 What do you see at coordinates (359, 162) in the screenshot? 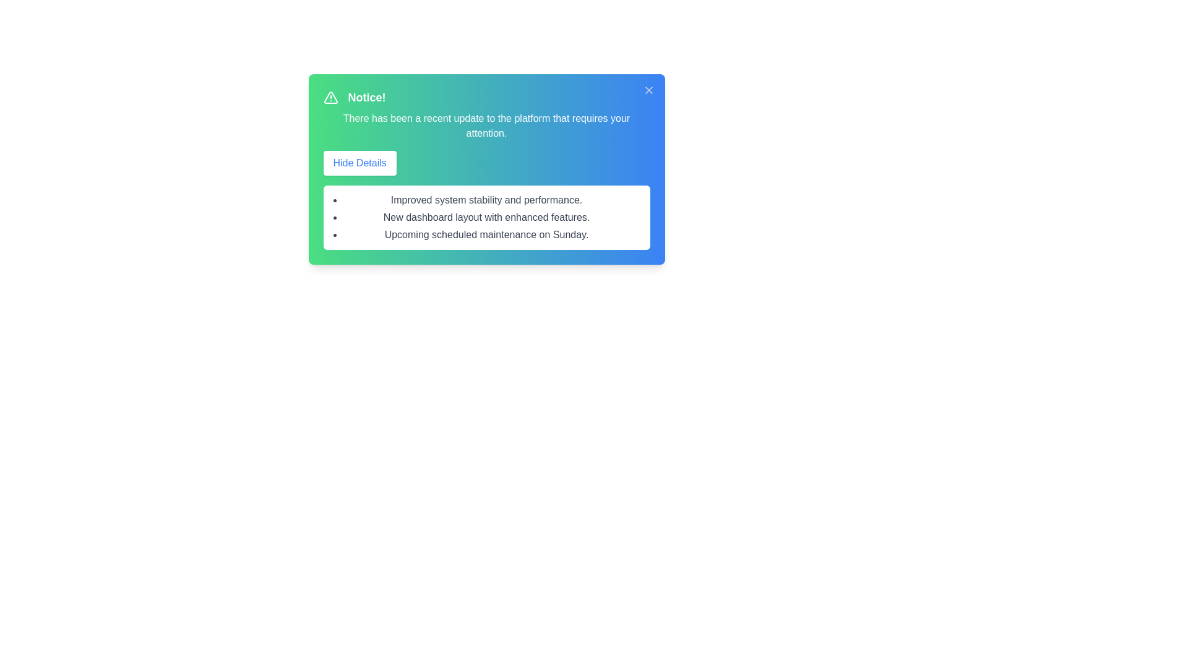
I see `the 'Hide Details' button to toggle the visibility of the details section` at bounding box center [359, 162].